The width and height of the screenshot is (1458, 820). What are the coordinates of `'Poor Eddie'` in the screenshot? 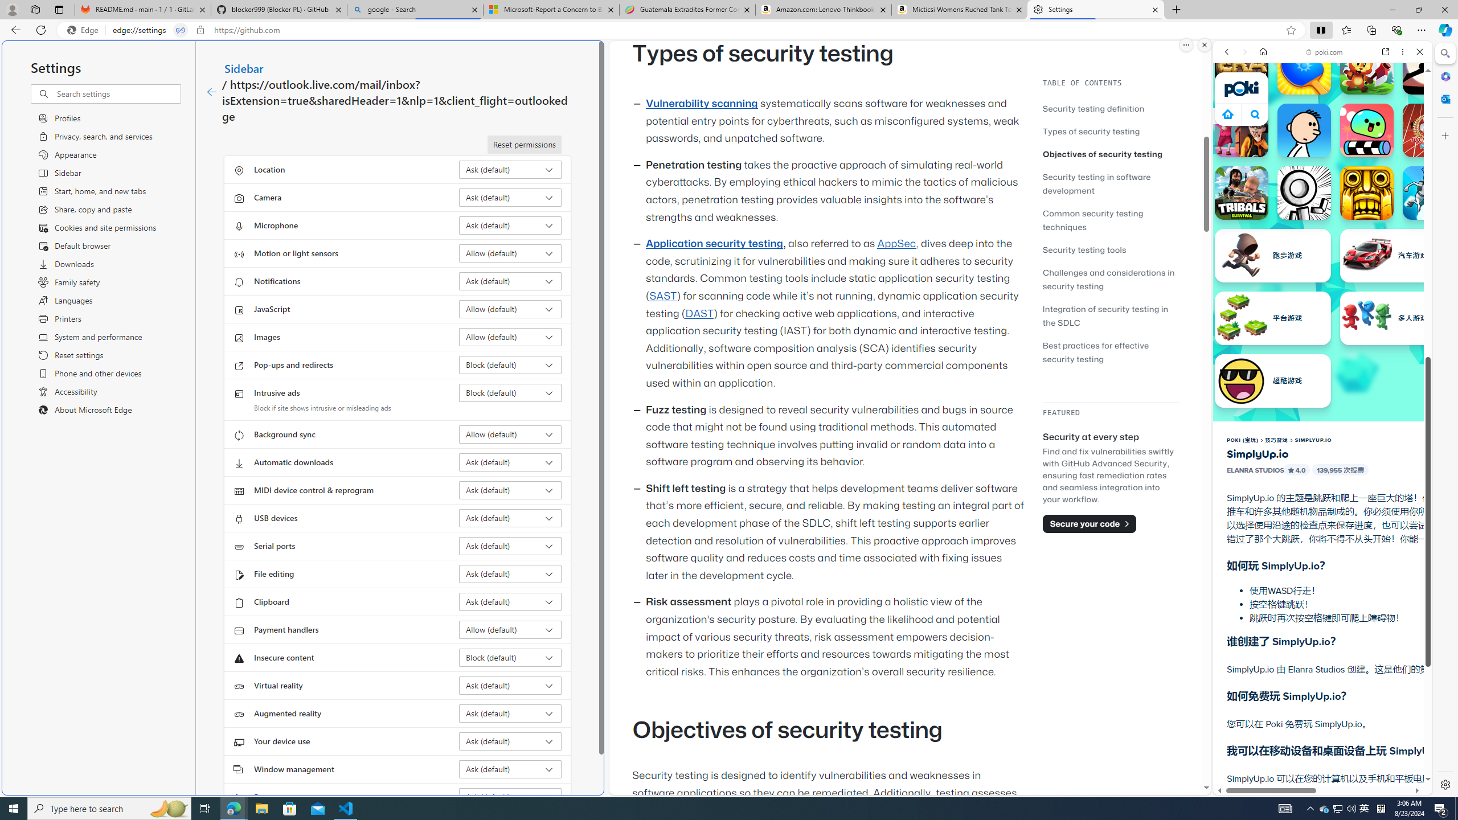 It's located at (1303, 129).